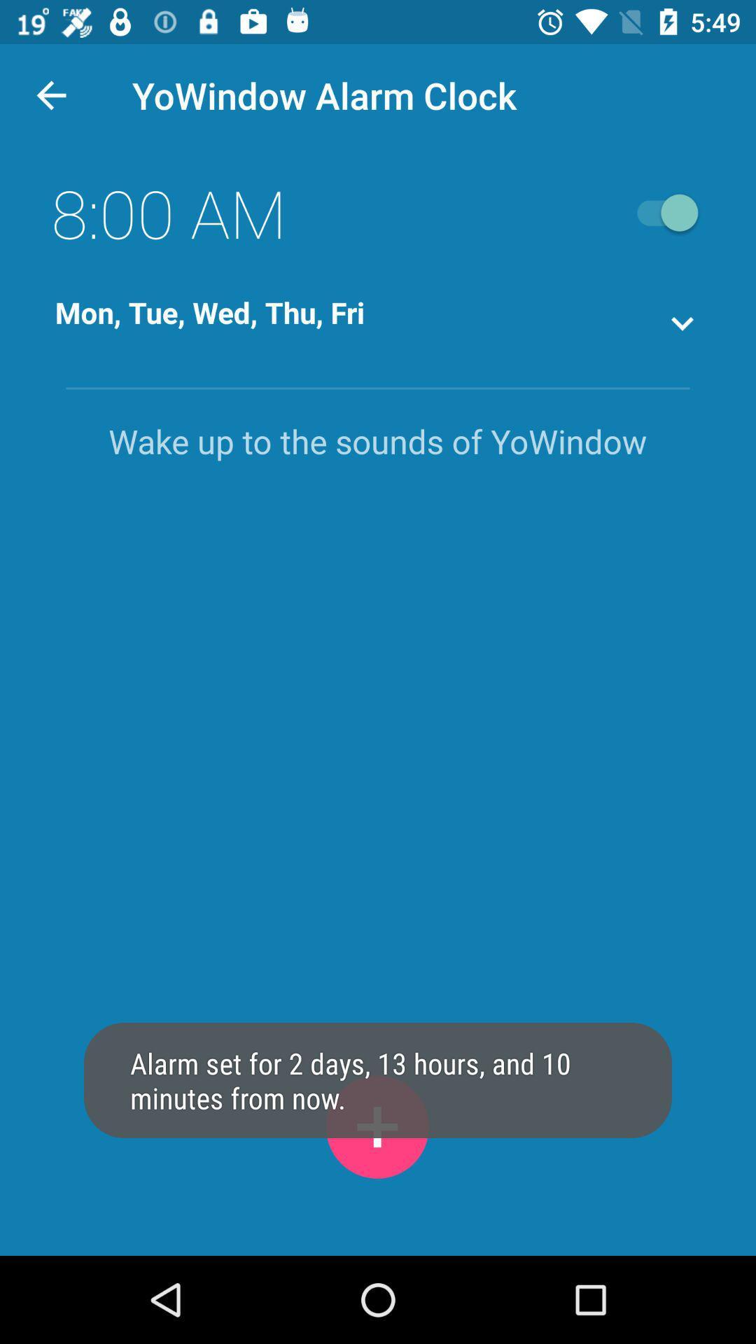 The image size is (756, 1344). I want to click on auto -play button, so click(661, 212).